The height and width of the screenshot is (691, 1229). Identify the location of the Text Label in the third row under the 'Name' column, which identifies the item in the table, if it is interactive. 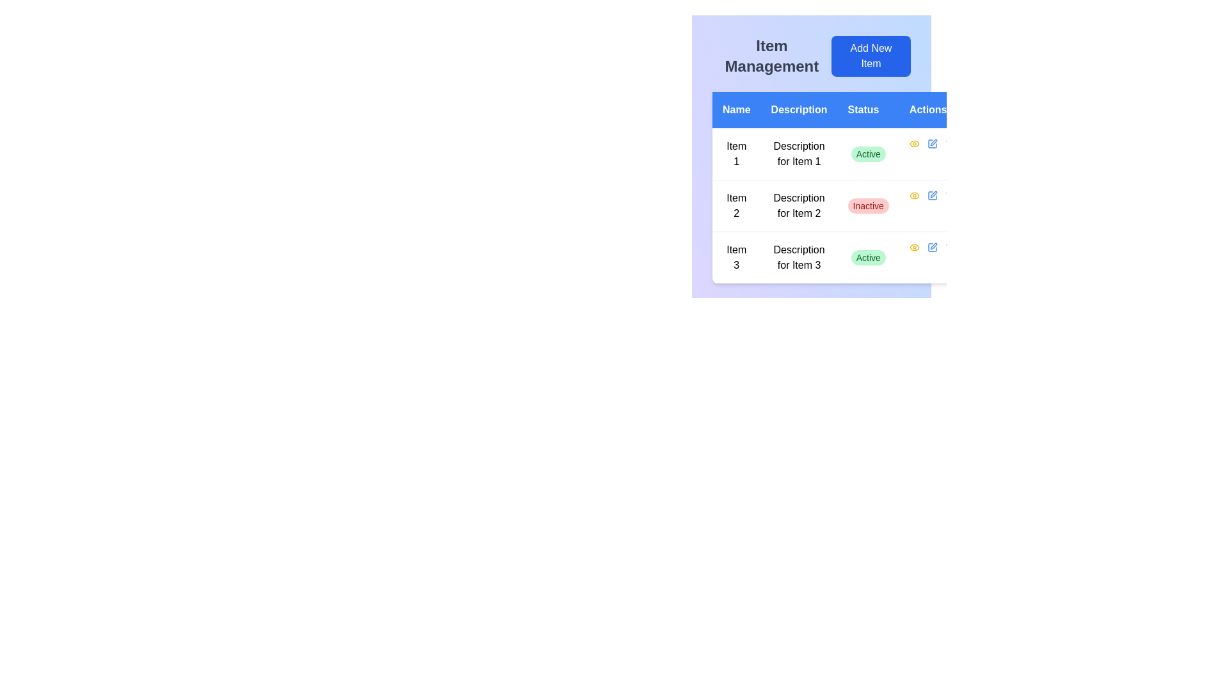
(736, 257).